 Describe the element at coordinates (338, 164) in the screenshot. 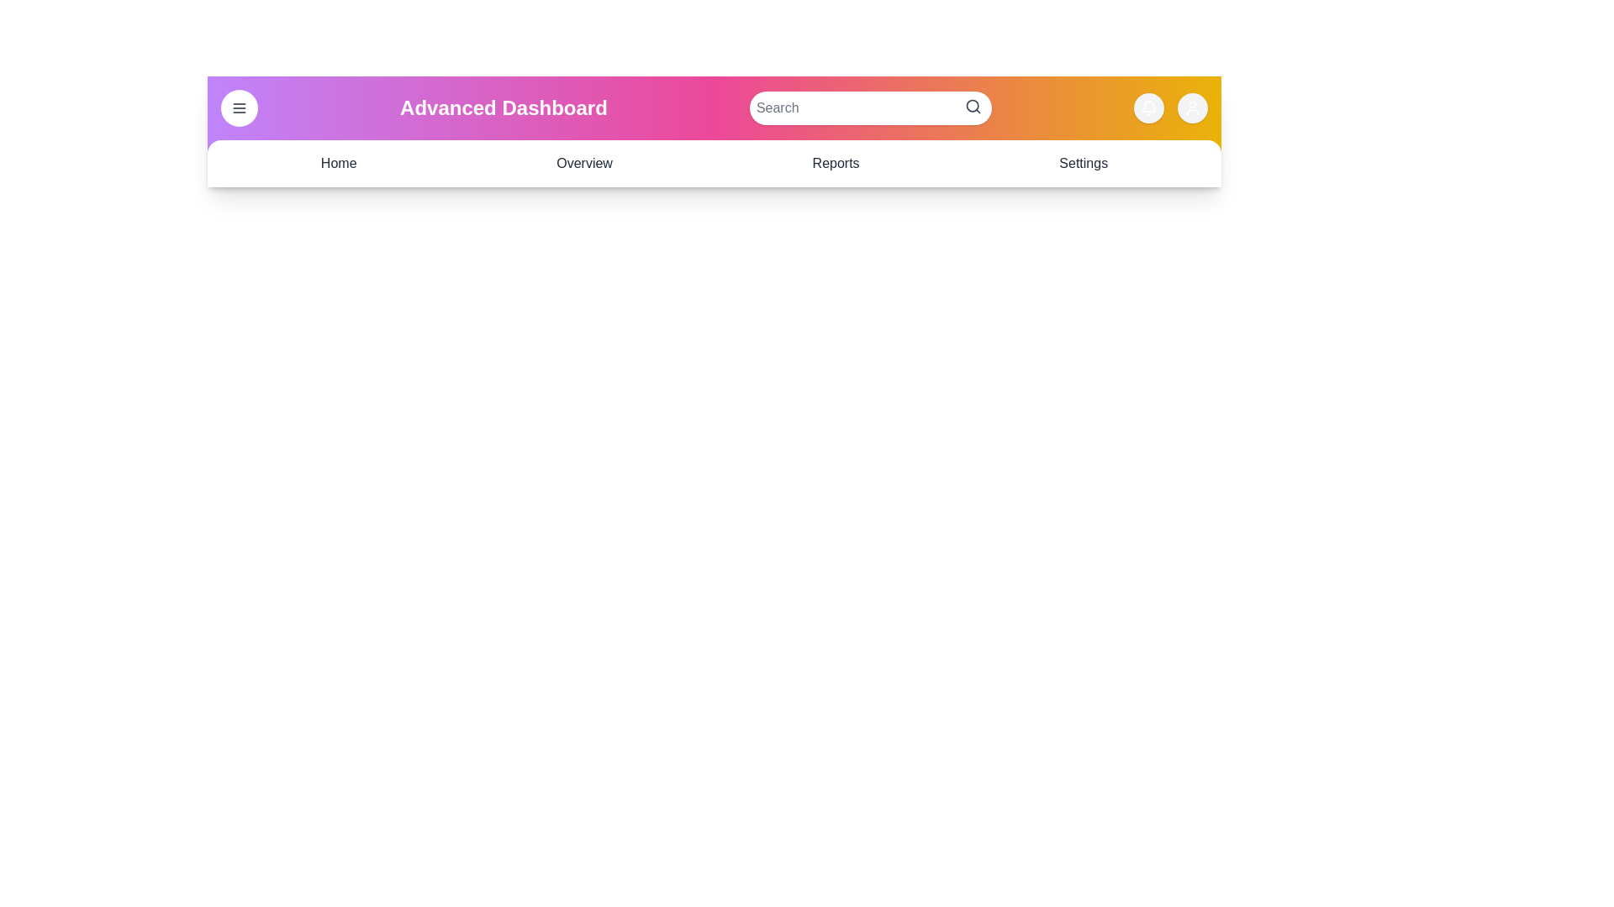

I see `the navigation link Home to see the hover effect` at that location.